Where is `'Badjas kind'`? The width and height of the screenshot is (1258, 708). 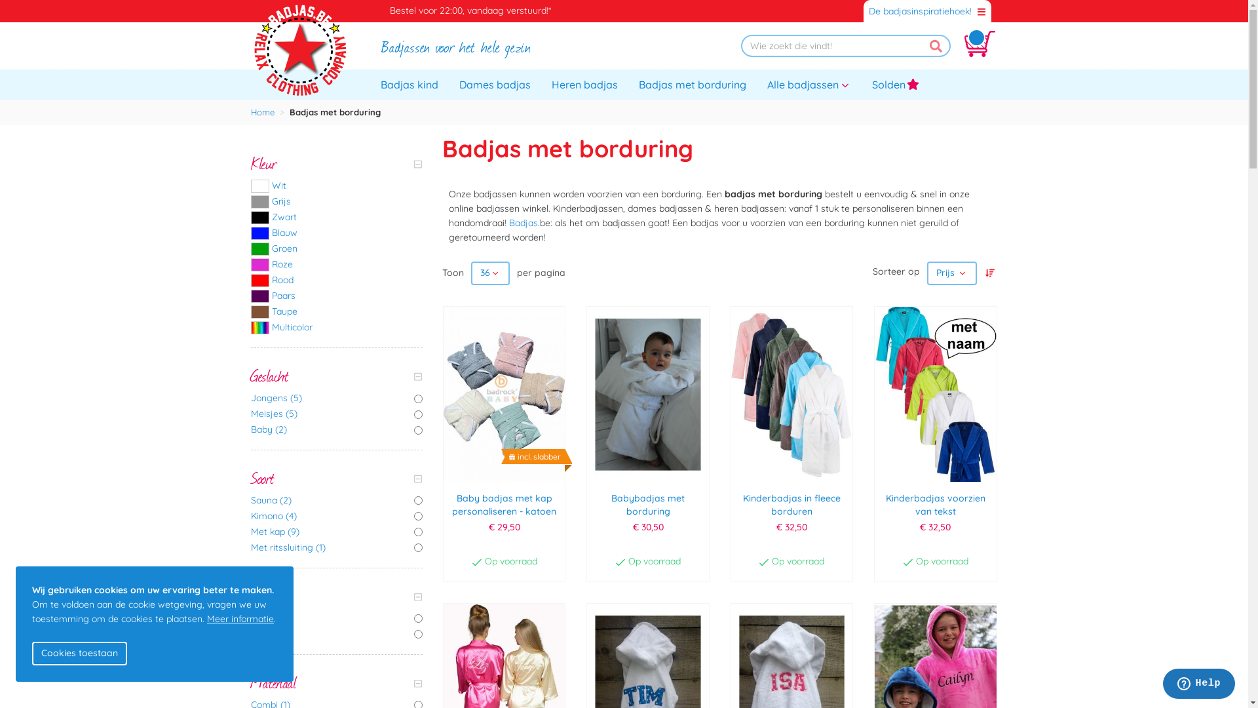
'Badjas kind' is located at coordinates (408, 84).